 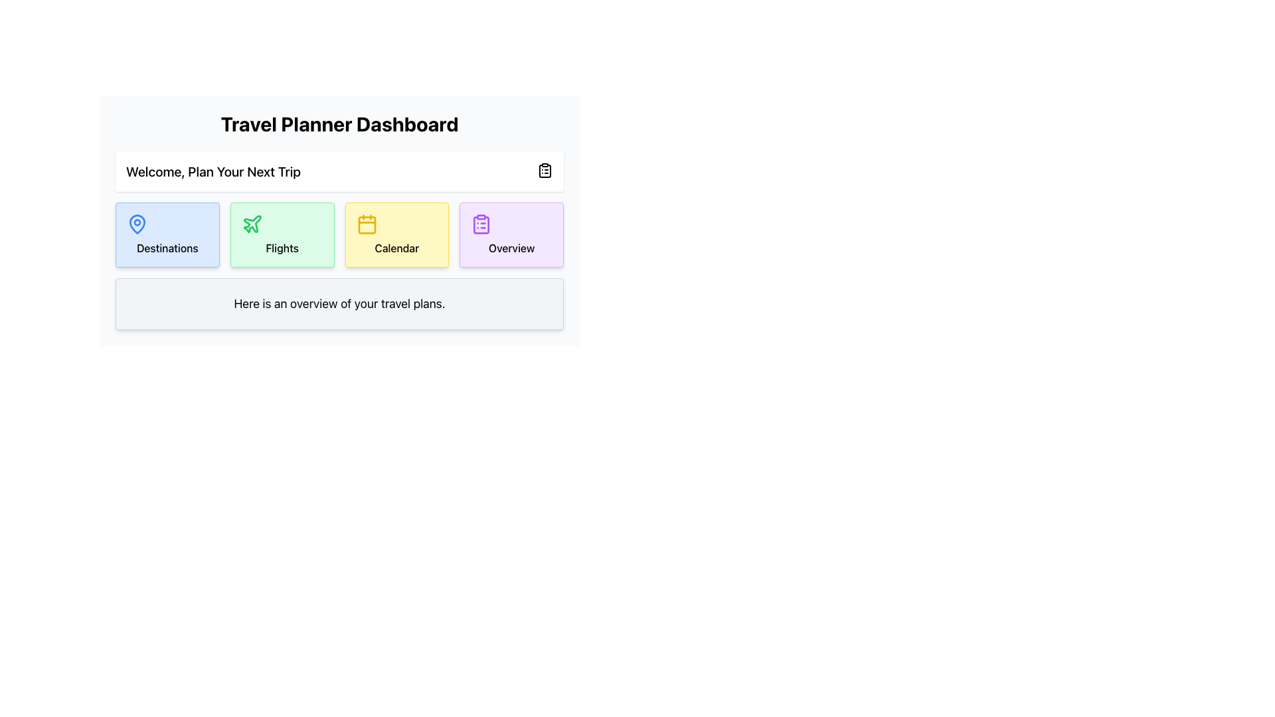 What do you see at coordinates (367, 224) in the screenshot?
I see `the bright yellow calendar icon located in the third column of the navigation options row` at bounding box center [367, 224].